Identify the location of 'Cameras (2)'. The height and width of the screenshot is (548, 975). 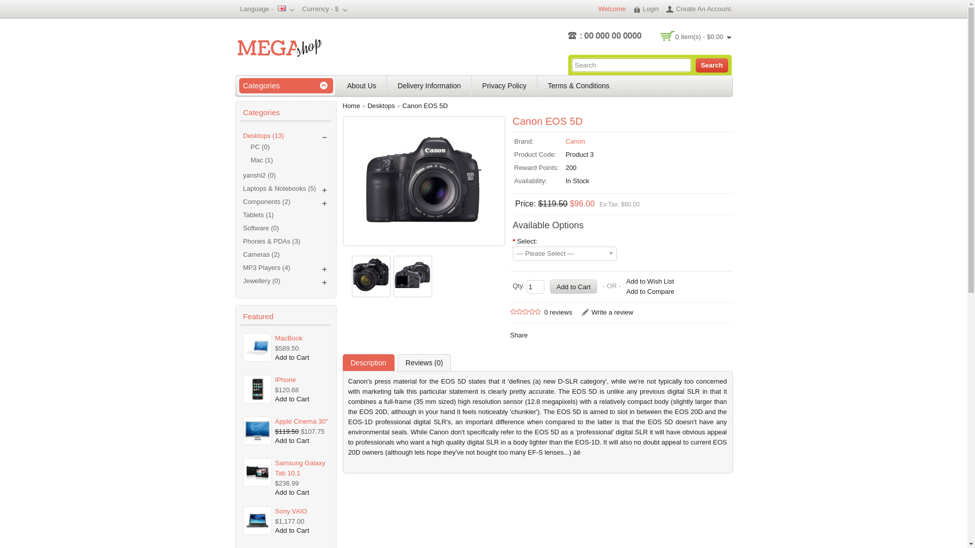
(242, 254).